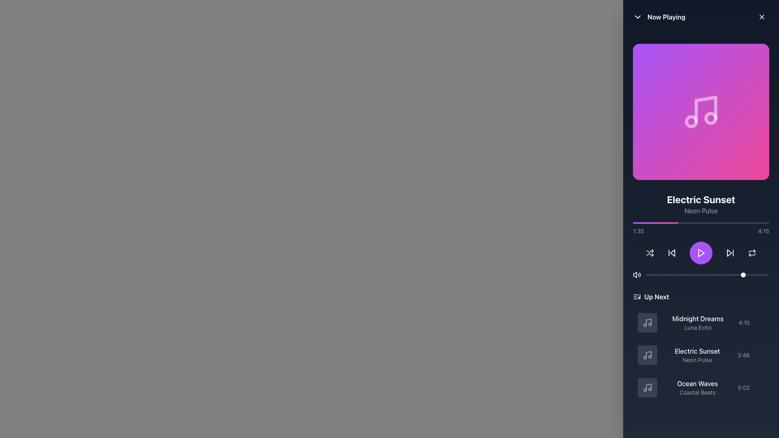 Image resolution: width=779 pixels, height=438 pixels. Describe the element at coordinates (730, 253) in the screenshot. I see `the forward-skip button icon in the media player` at that location.